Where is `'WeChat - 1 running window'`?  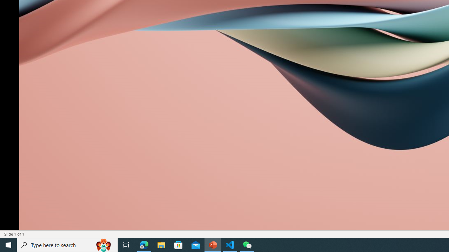 'WeChat - 1 running window' is located at coordinates (247, 244).